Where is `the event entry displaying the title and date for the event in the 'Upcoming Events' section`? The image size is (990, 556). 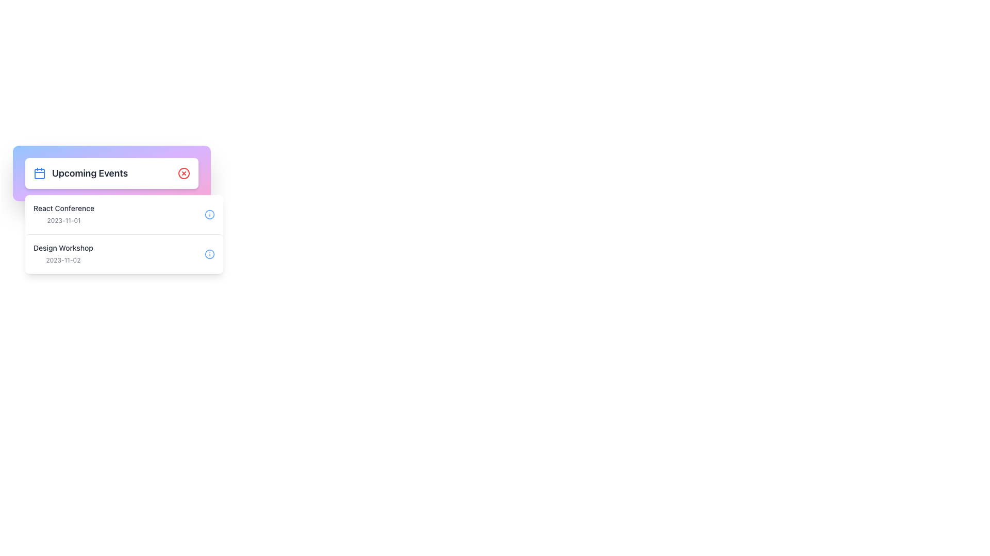
the event entry displaying the title and date for the event in the 'Upcoming Events' section is located at coordinates (63, 214).